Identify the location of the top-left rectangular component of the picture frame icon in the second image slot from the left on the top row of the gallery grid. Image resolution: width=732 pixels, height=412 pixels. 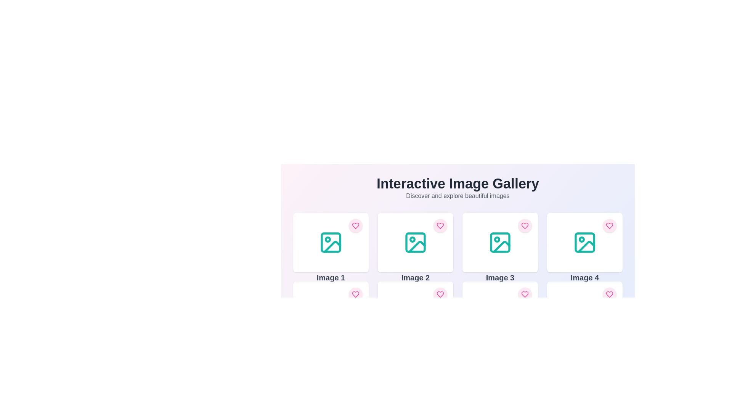
(415, 243).